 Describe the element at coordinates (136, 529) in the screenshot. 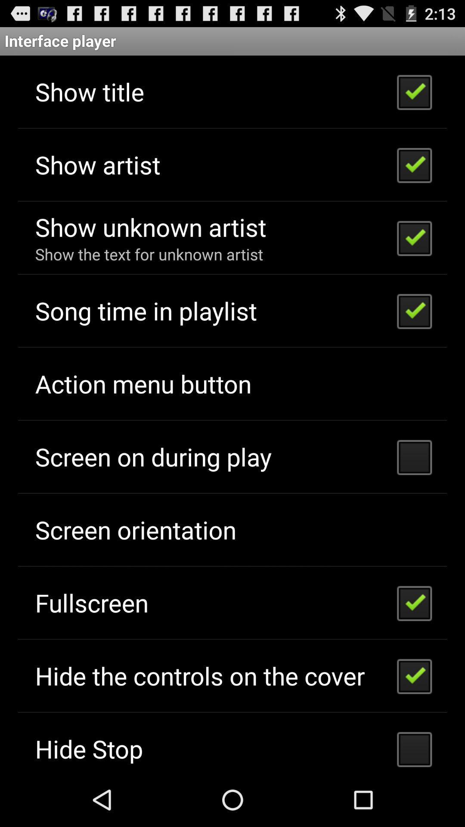

I see `the app below screen on during app` at that location.